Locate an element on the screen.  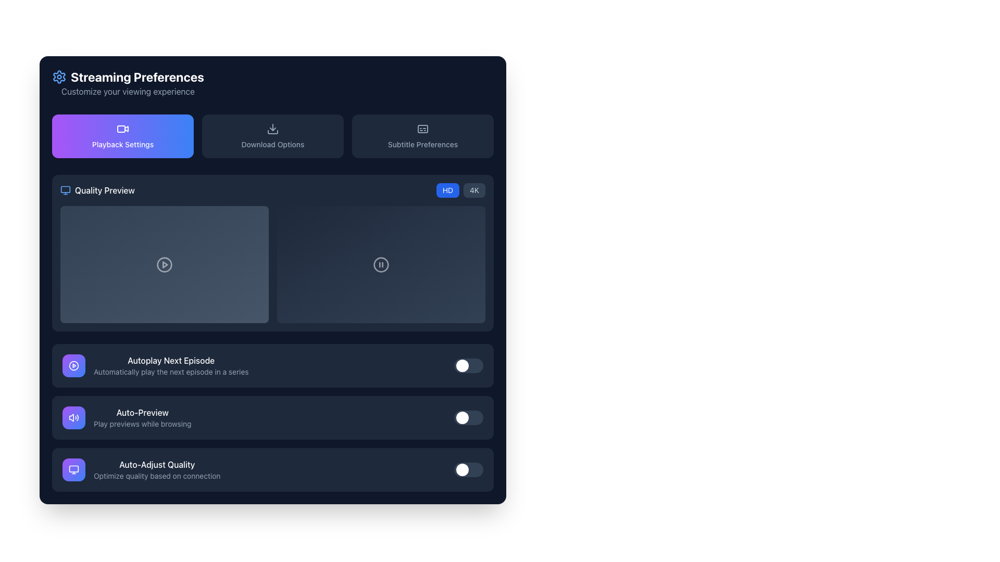
the button labeled '4K' located in the top-right section of the 'Quality Preview' area is located at coordinates (474, 190).